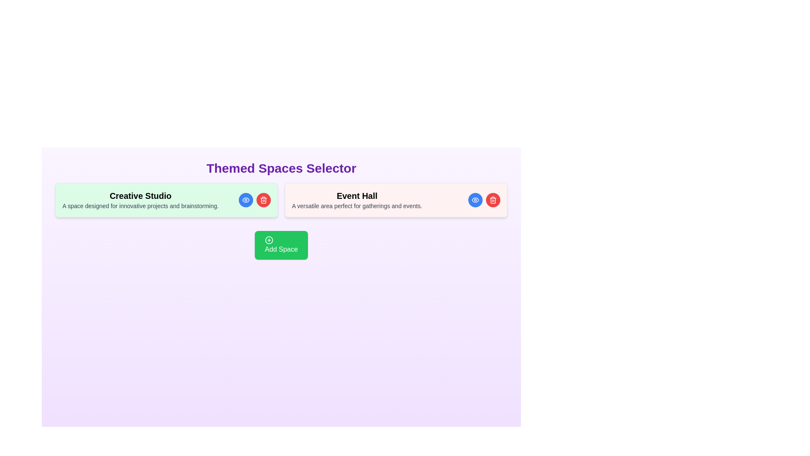  I want to click on the green 'Add Space' button with a white plus icon and white text, located beneath the title 'Themed Spaces Selector', so click(281, 245).